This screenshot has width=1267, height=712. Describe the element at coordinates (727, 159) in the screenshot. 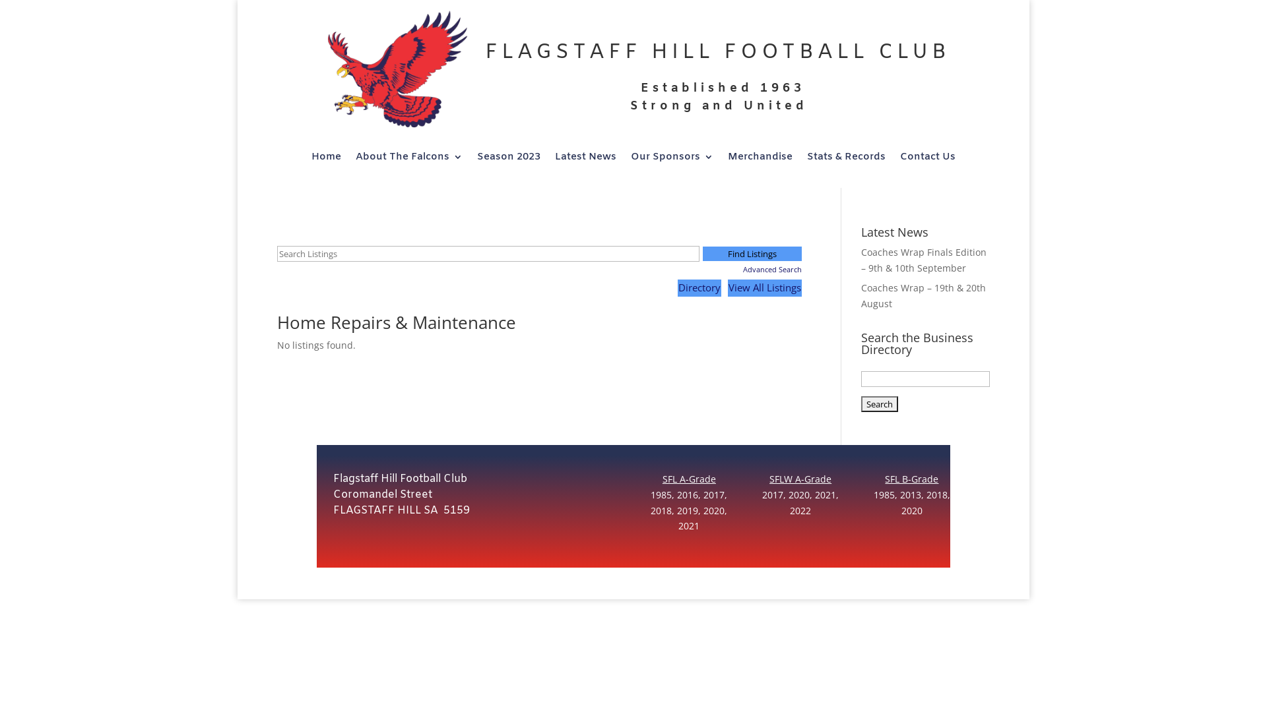

I see `'Merchandise'` at that location.